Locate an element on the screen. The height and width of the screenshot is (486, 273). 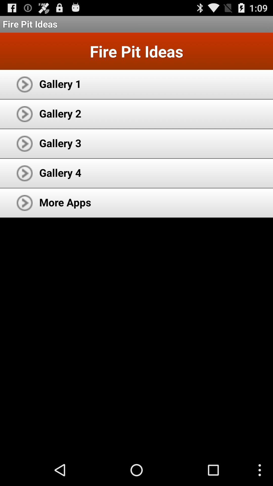
gallery 2 item is located at coordinates (60, 113).